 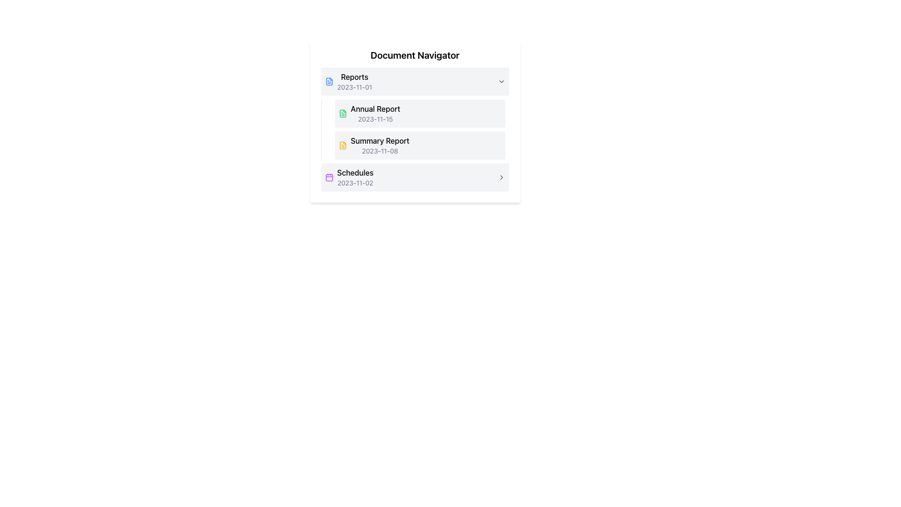 What do you see at coordinates (380, 145) in the screenshot?
I see `the List item labeled 'Summary Report' with the date '2023-11-08'` at bounding box center [380, 145].